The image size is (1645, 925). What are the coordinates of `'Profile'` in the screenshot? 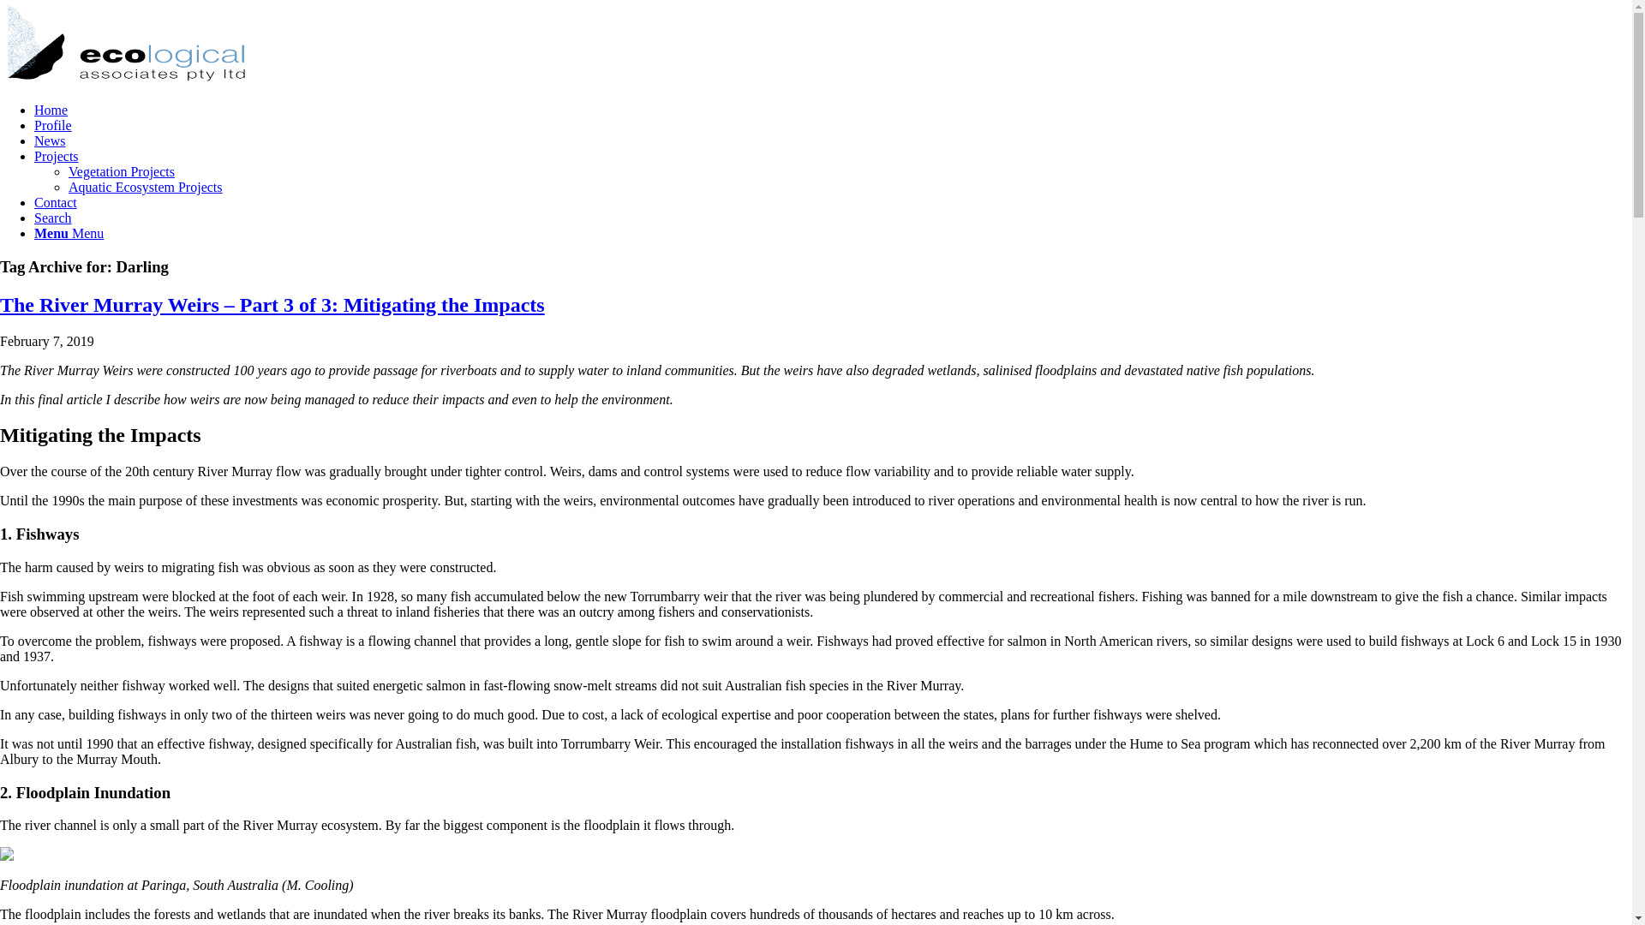 It's located at (53, 124).